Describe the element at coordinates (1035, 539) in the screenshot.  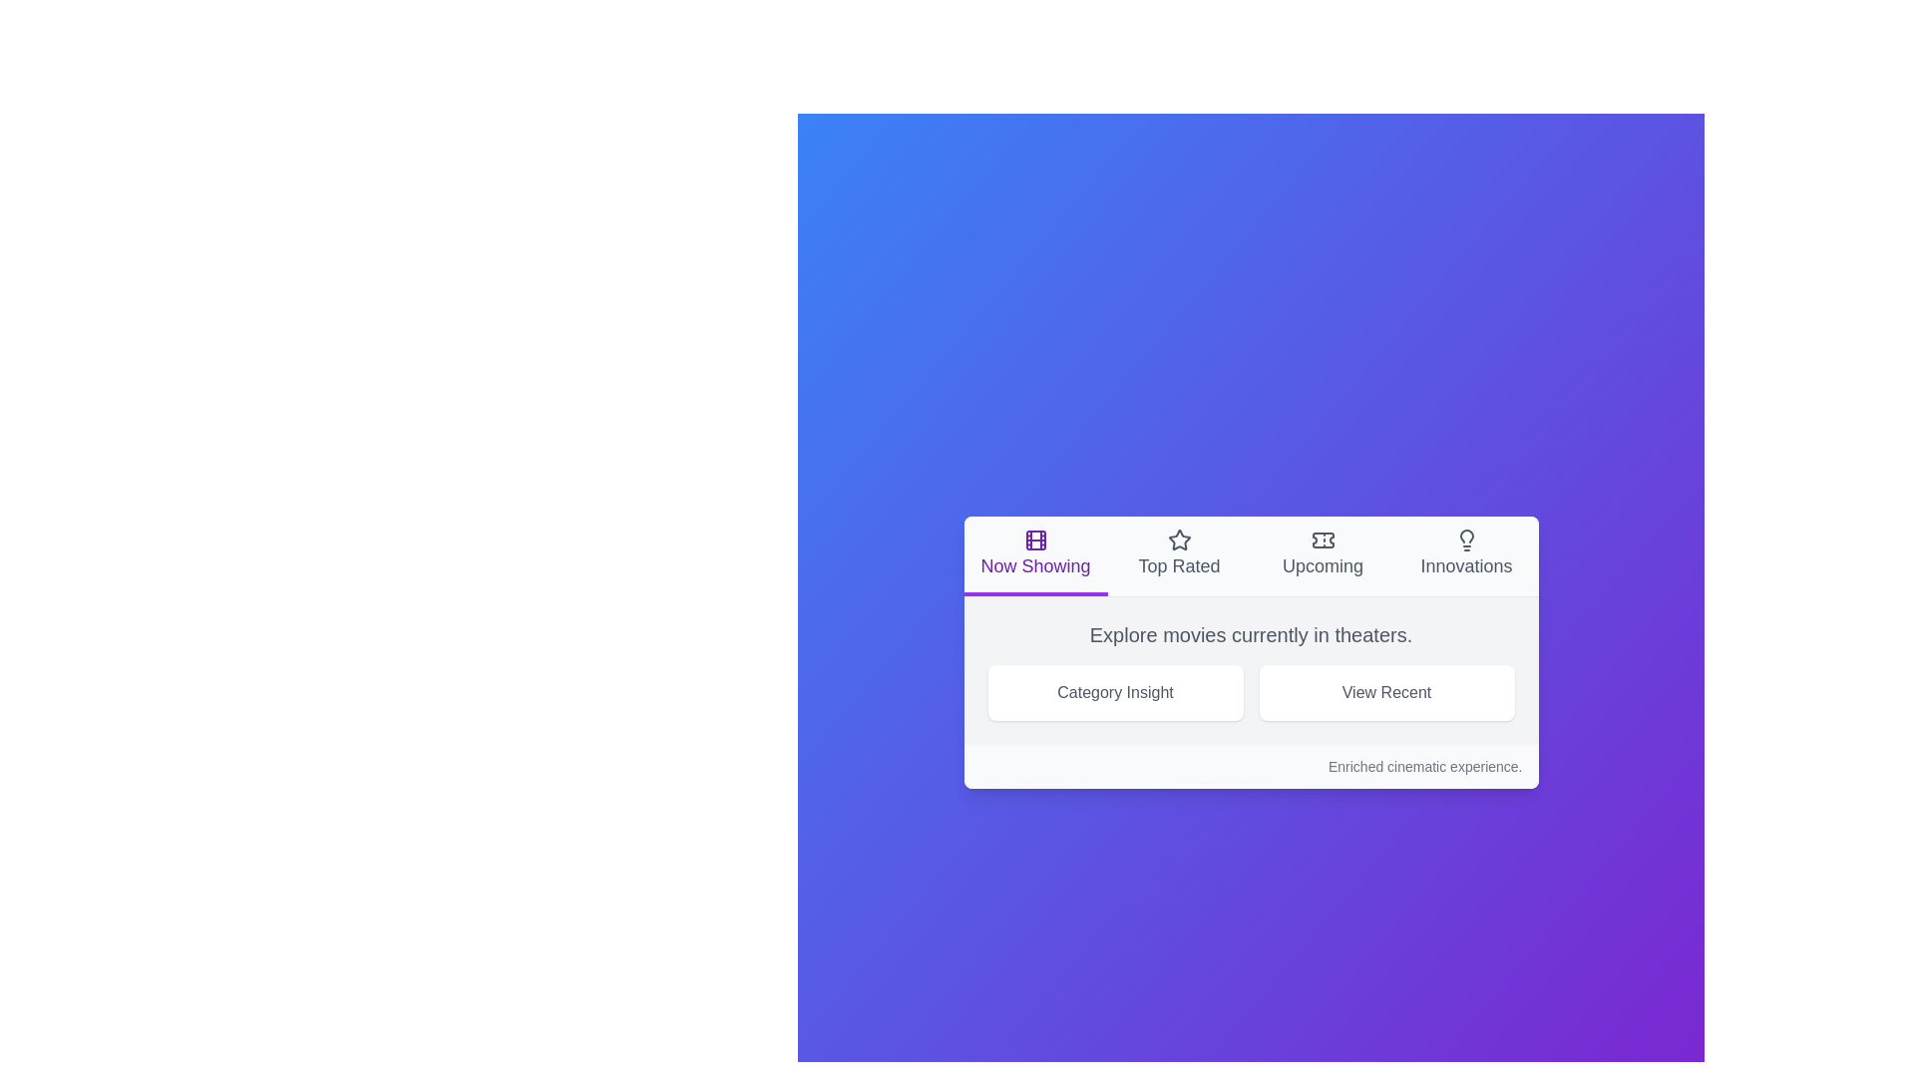
I see `the 'Now Showing' icon located in the top-left corner of the navigation bar, which is the first icon to the left of the 'Top Rated' and 'Upcoming' labels` at that location.